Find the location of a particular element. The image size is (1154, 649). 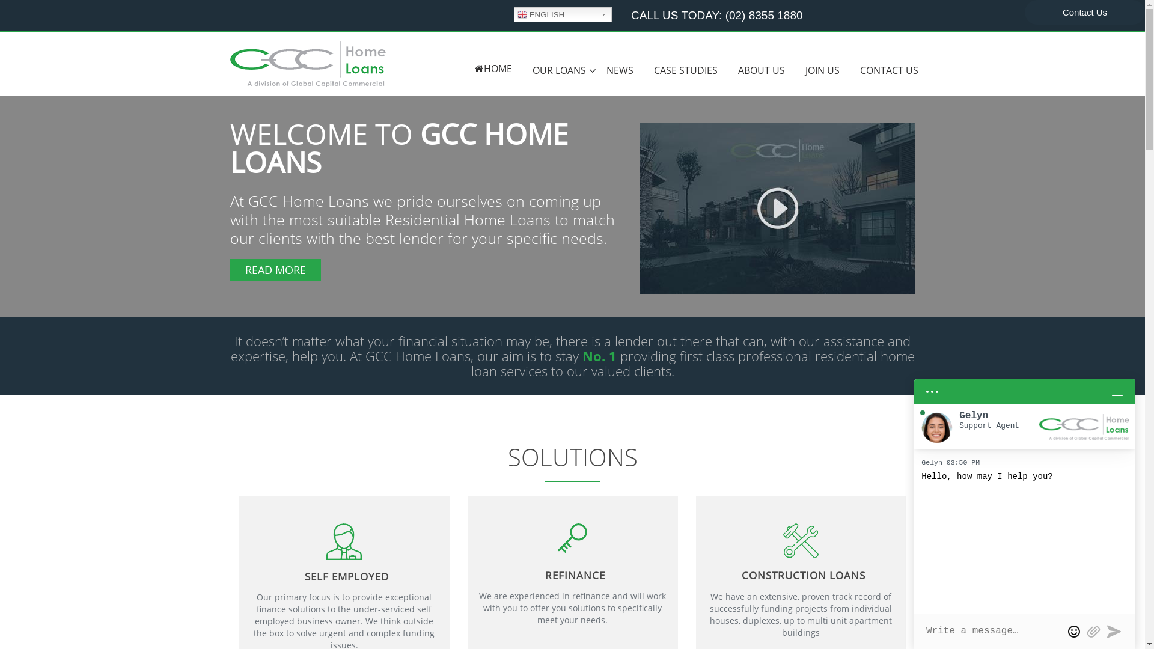

'(02) 8355 1880' is located at coordinates (763, 15).